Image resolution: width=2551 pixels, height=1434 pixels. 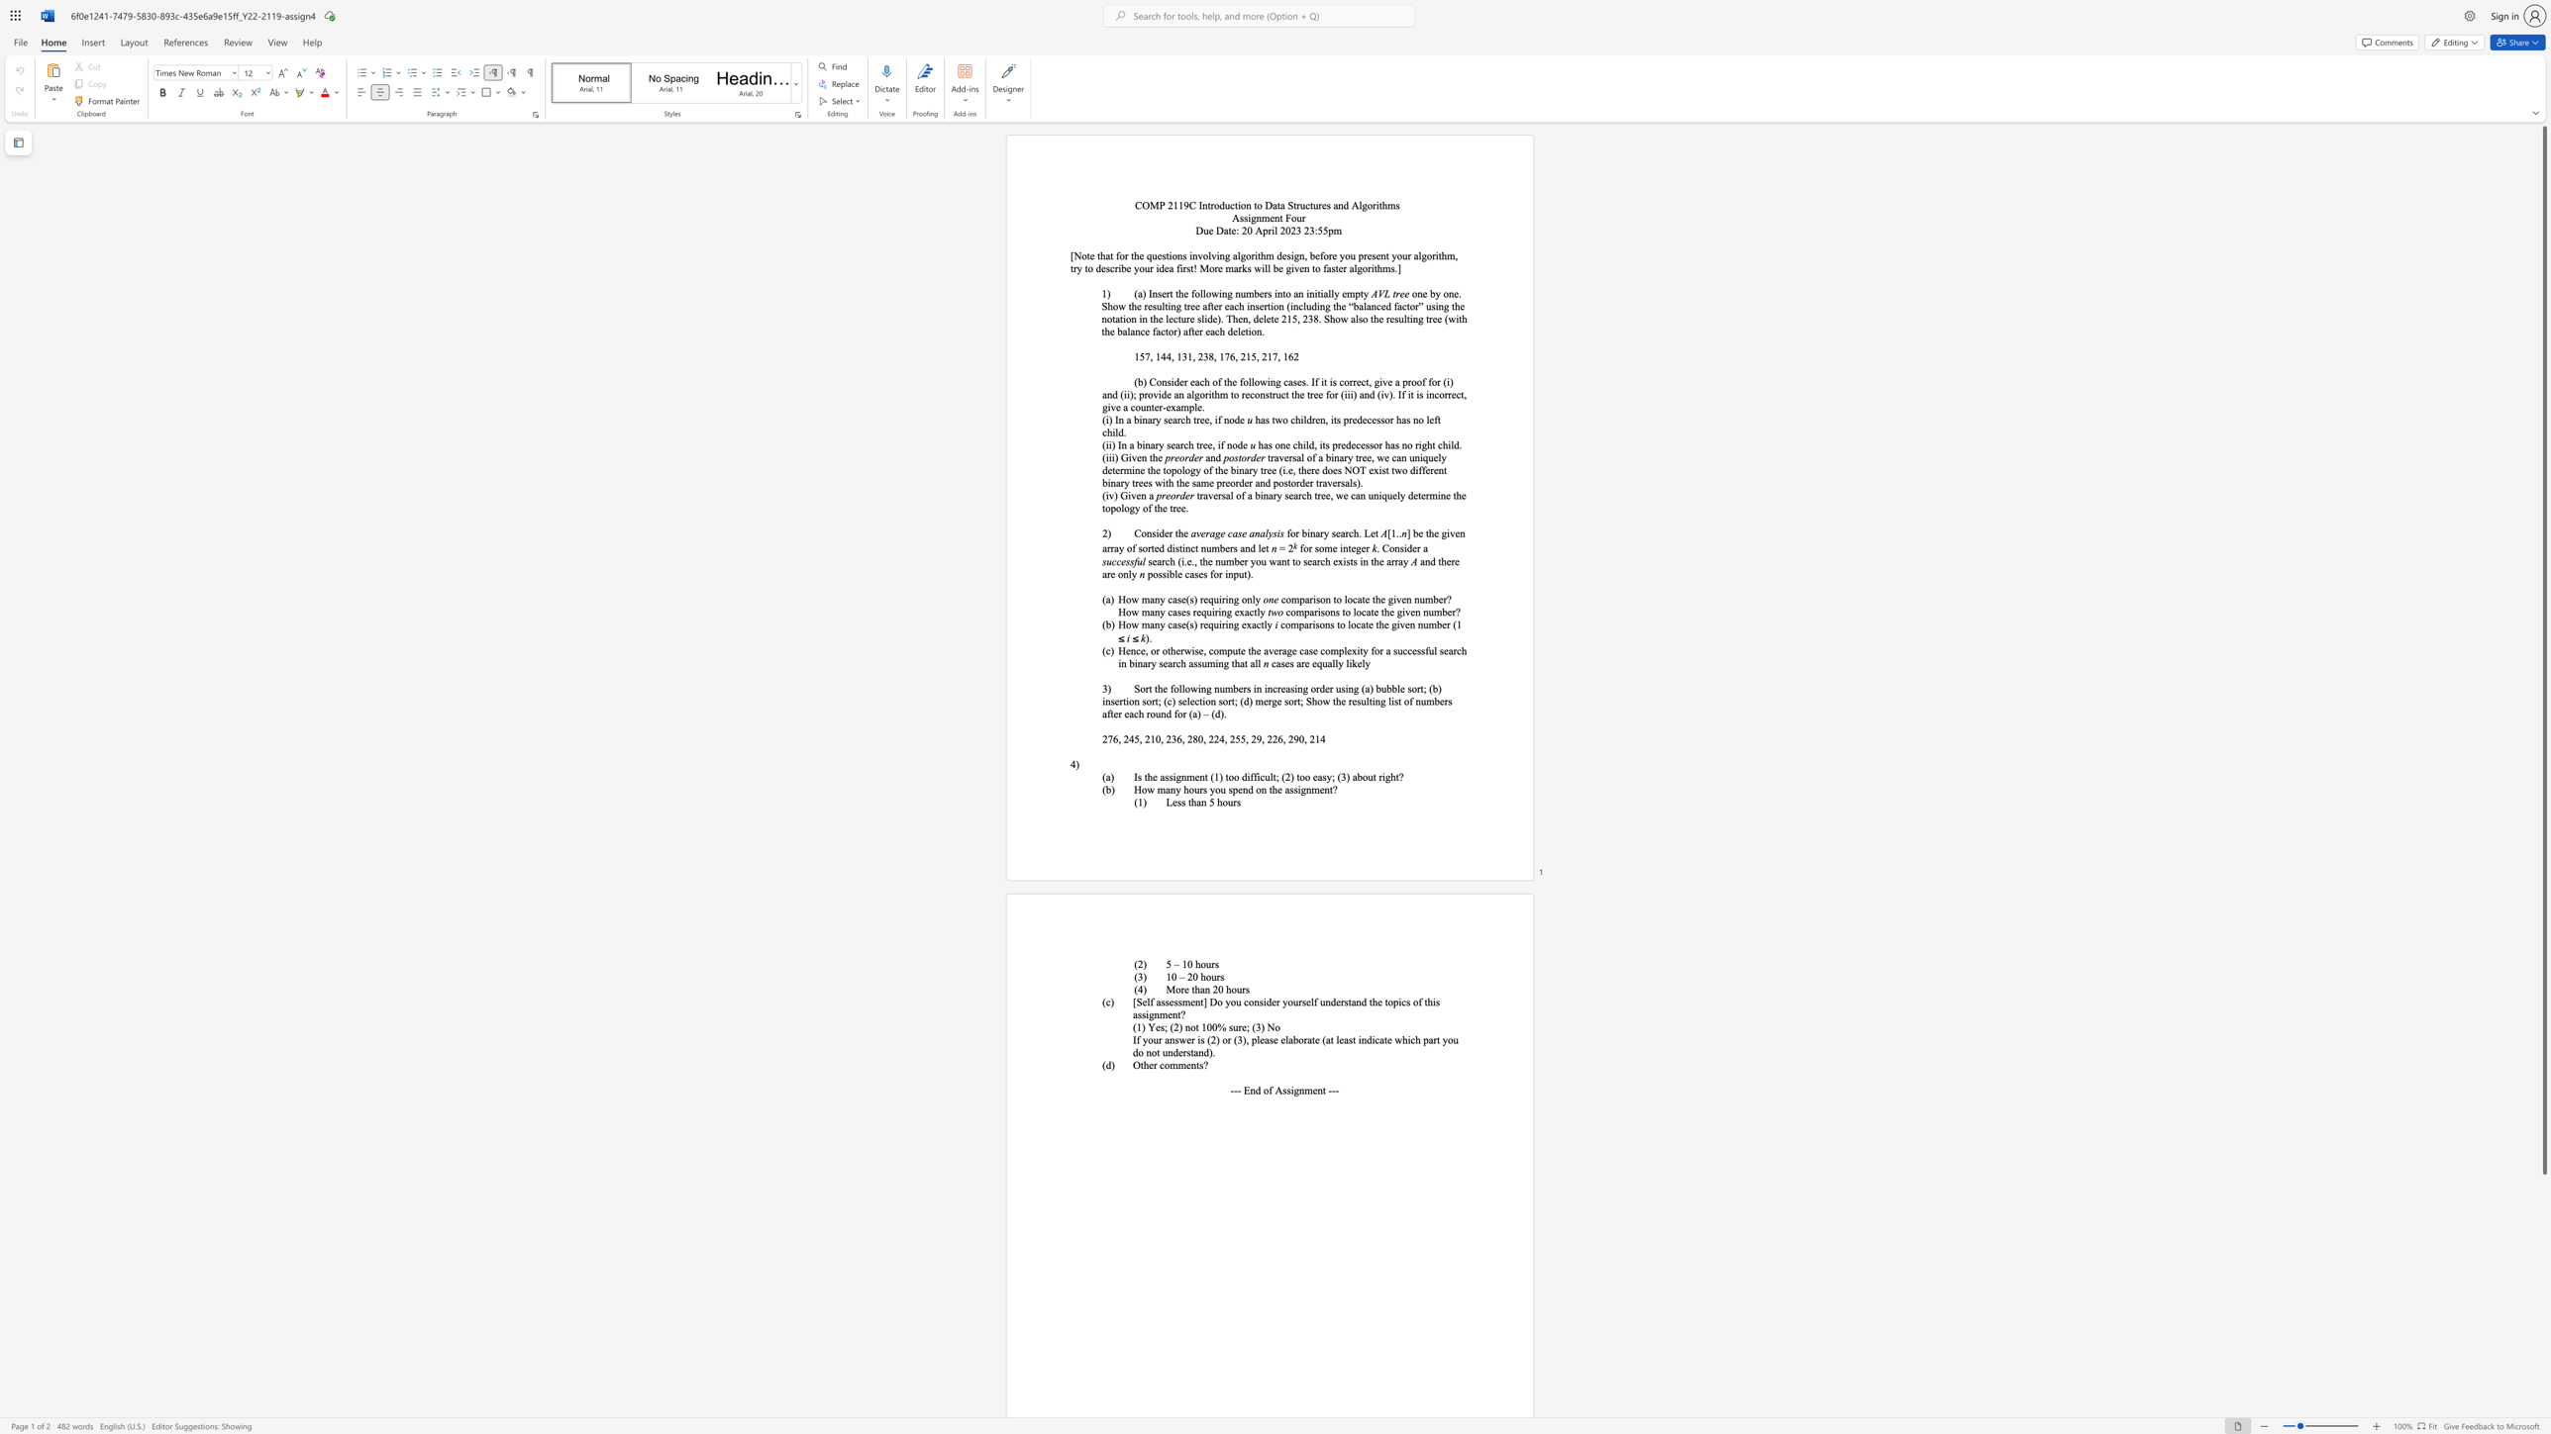 I want to click on the subset text "t; (2) too" within the text "Is the assignment (1) too difficult; (2) too easy; (3) about right?", so click(x=1272, y=776).